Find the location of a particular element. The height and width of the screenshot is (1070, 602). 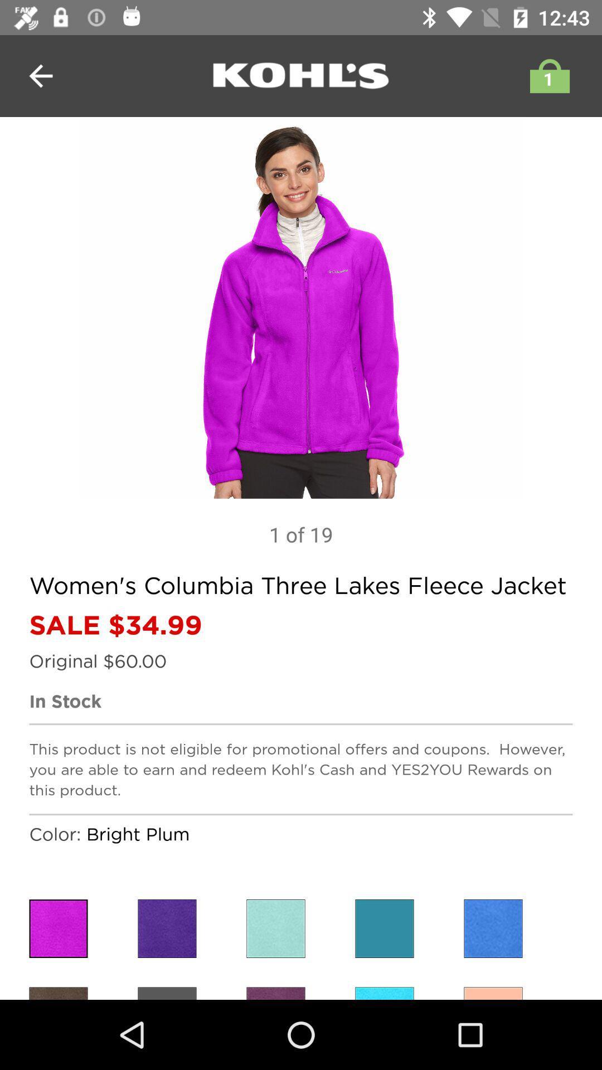

the close icon is located at coordinates (167, 928).